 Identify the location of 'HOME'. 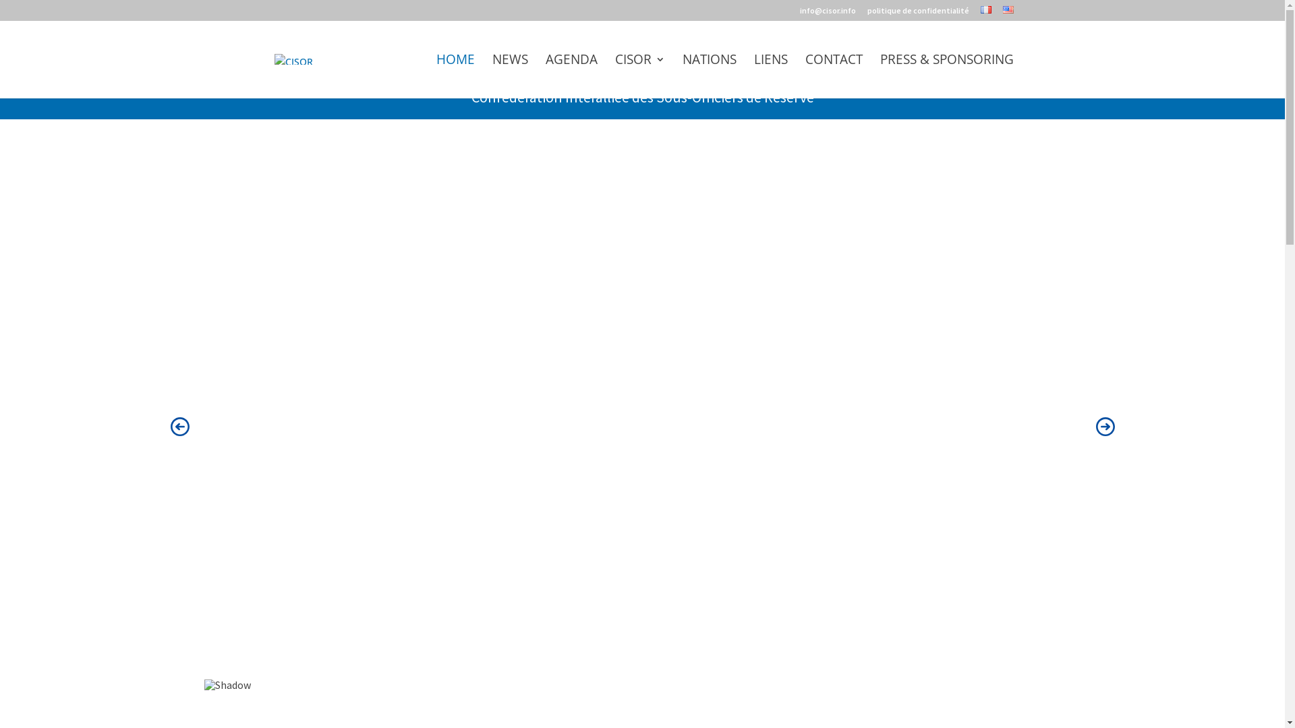
(455, 76).